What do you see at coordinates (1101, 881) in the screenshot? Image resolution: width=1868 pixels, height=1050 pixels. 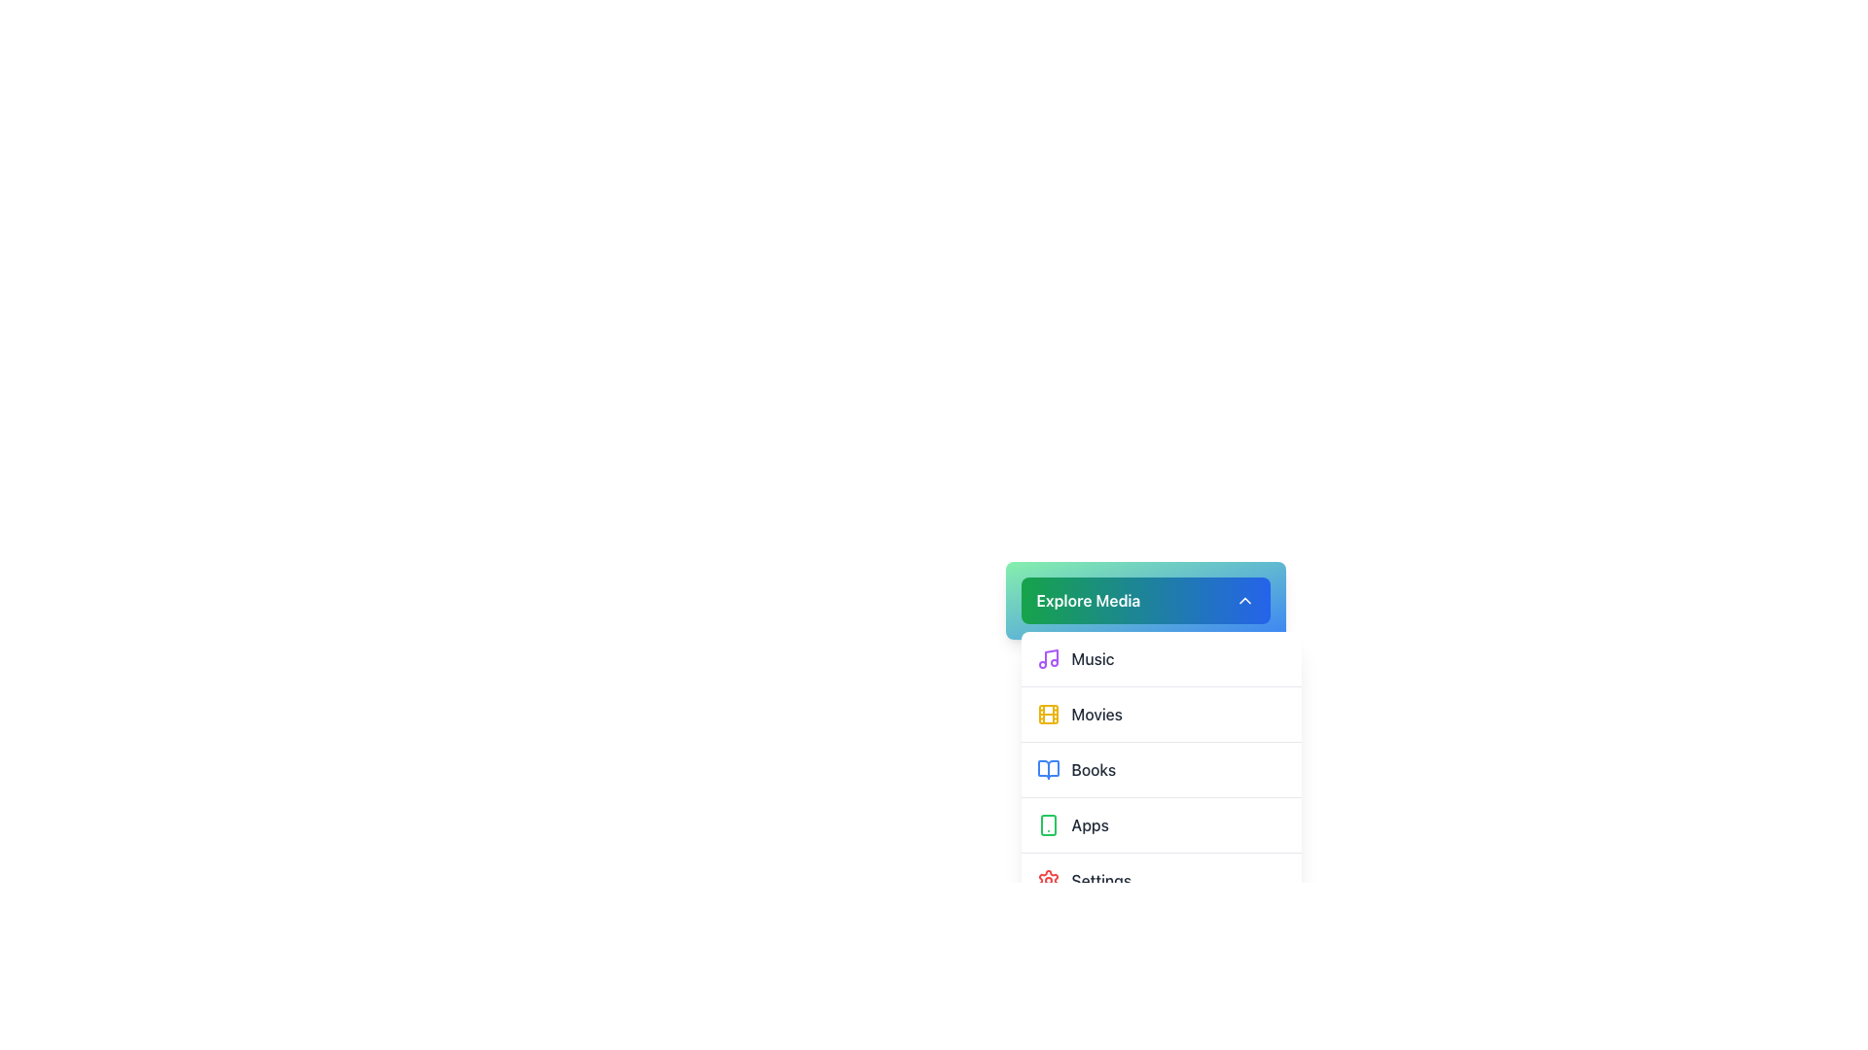 I see `the 'Settings' text label displayed in medium-sized gray font, which is positioned to the right of a red settings icon` at bounding box center [1101, 881].